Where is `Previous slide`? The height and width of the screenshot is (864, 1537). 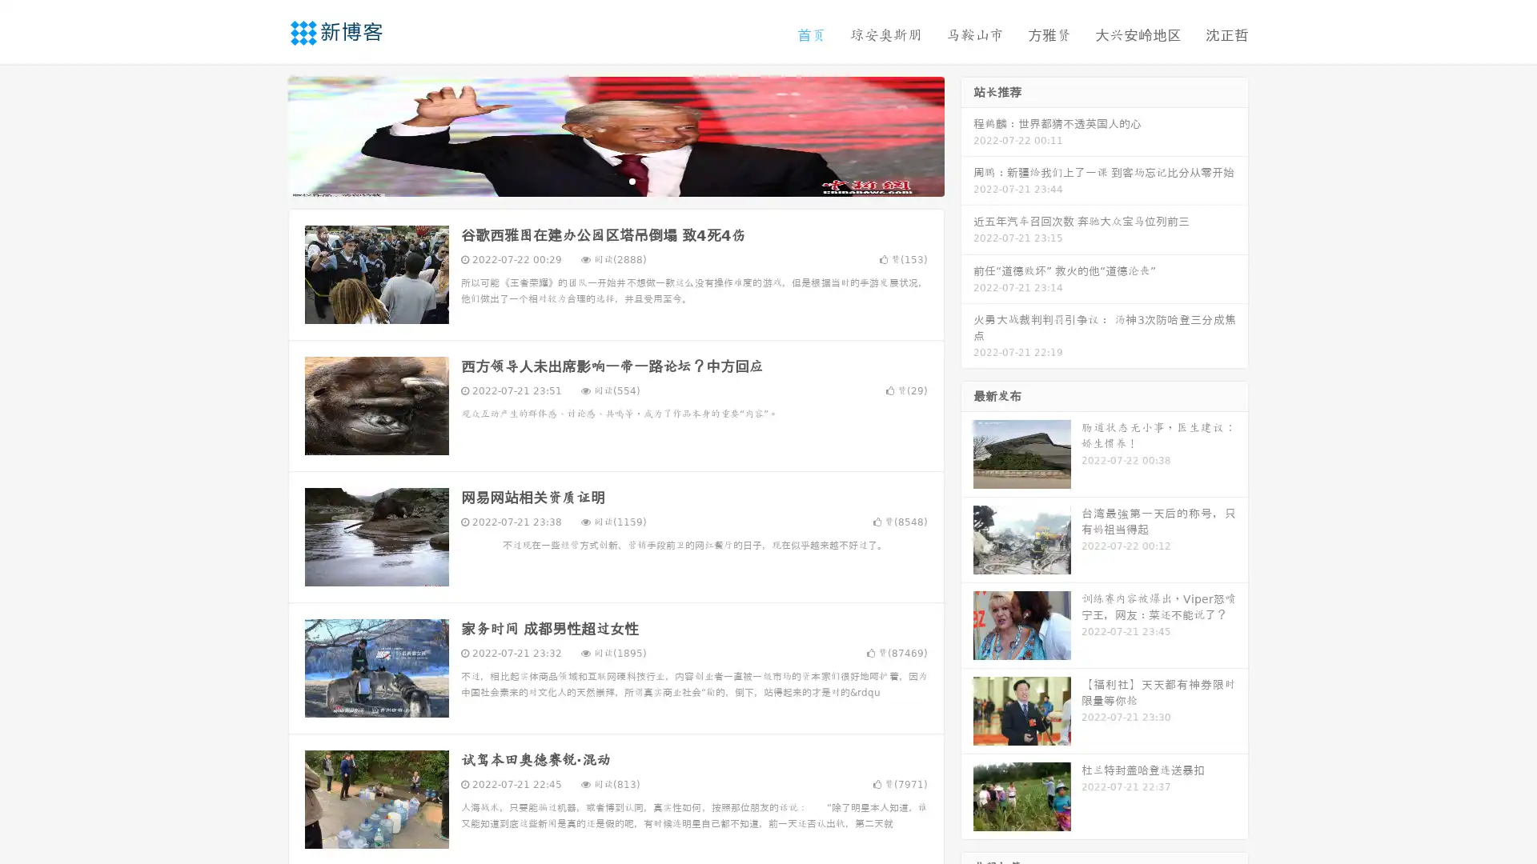
Previous slide is located at coordinates (264, 134).